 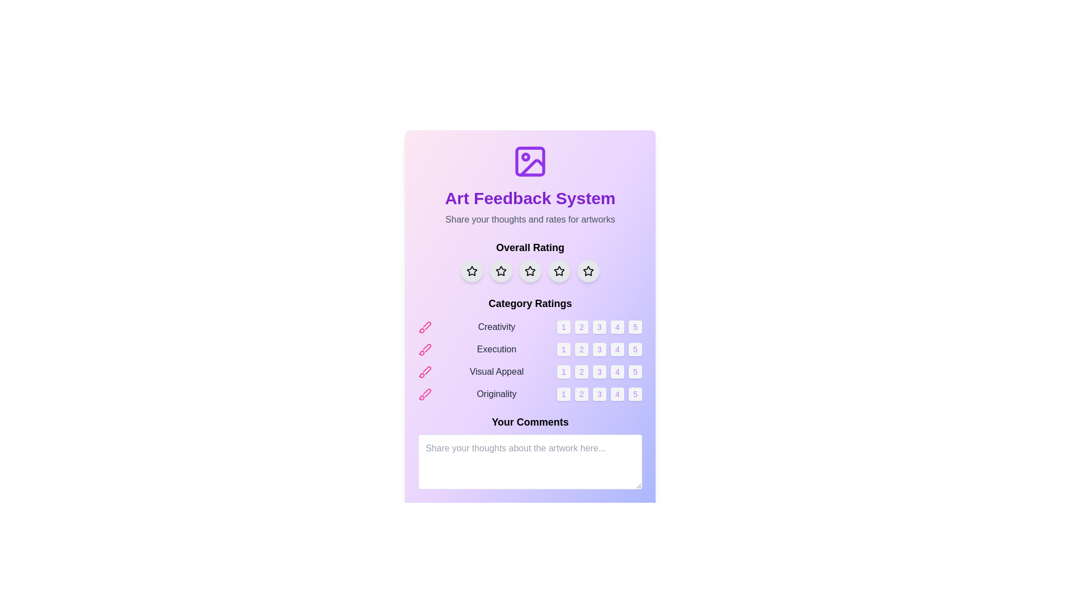 What do you see at coordinates (599, 327) in the screenshot?
I see `the small circular button labeled '3', which is the third button in a horizontal row under the 'Category Ratings' section, to observe its hover effect` at bounding box center [599, 327].